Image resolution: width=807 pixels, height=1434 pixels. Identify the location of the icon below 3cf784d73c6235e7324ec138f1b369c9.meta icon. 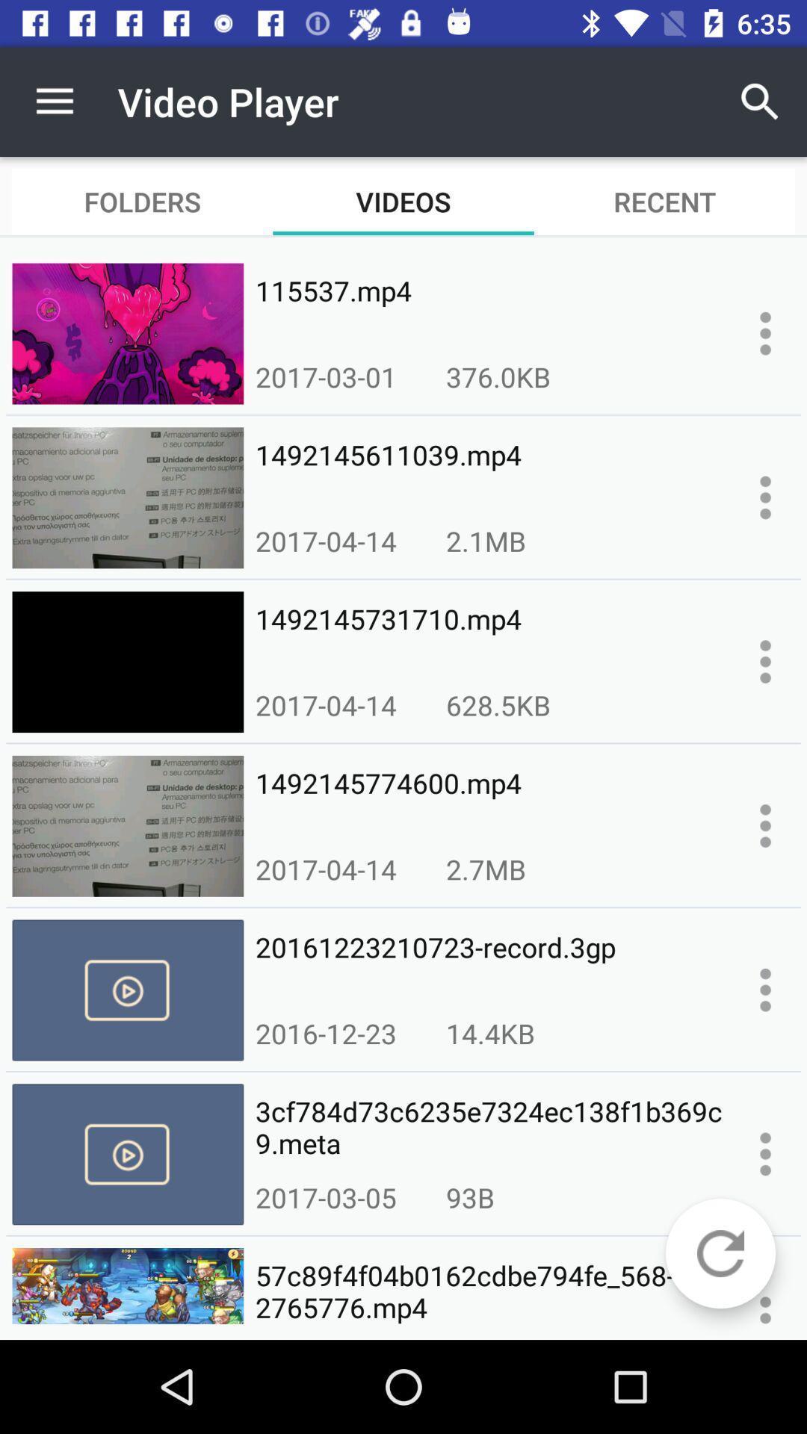
(469, 1197).